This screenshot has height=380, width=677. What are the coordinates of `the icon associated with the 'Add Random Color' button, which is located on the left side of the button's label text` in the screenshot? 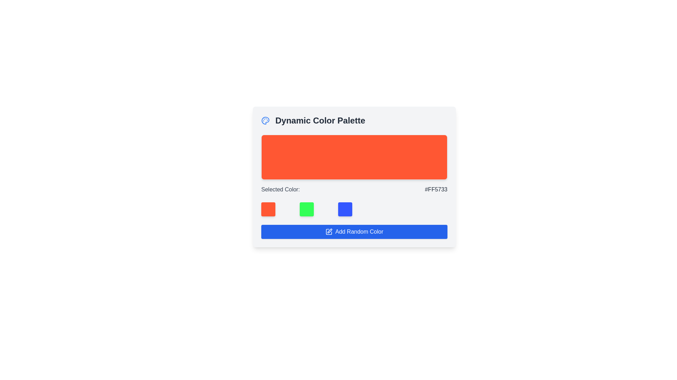 It's located at (328, 232).